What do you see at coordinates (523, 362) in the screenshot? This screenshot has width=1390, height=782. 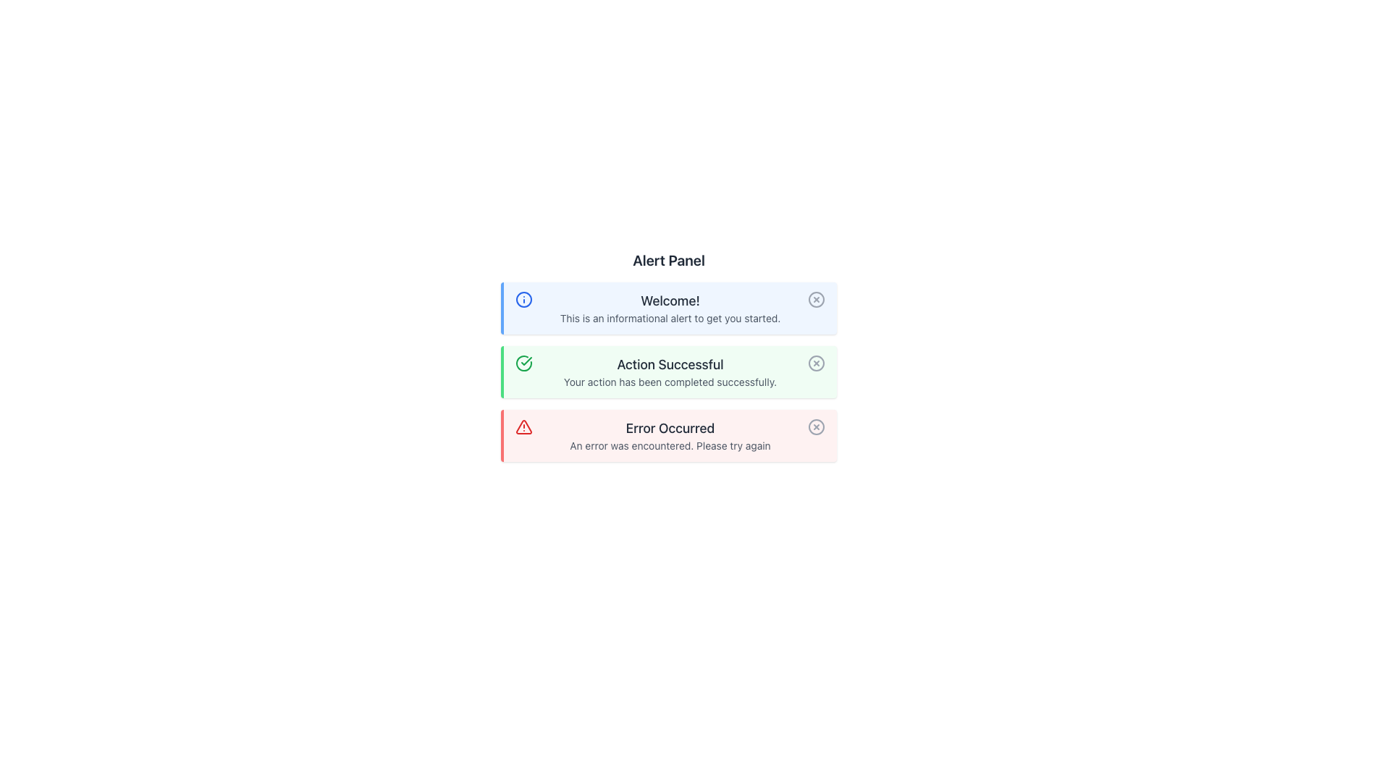 I see `the green circular icon with a checkmark symbol located to the left of the 'Action Successful' text in the green alert box to understand the status it signifies` at bounding box center [523, 362].